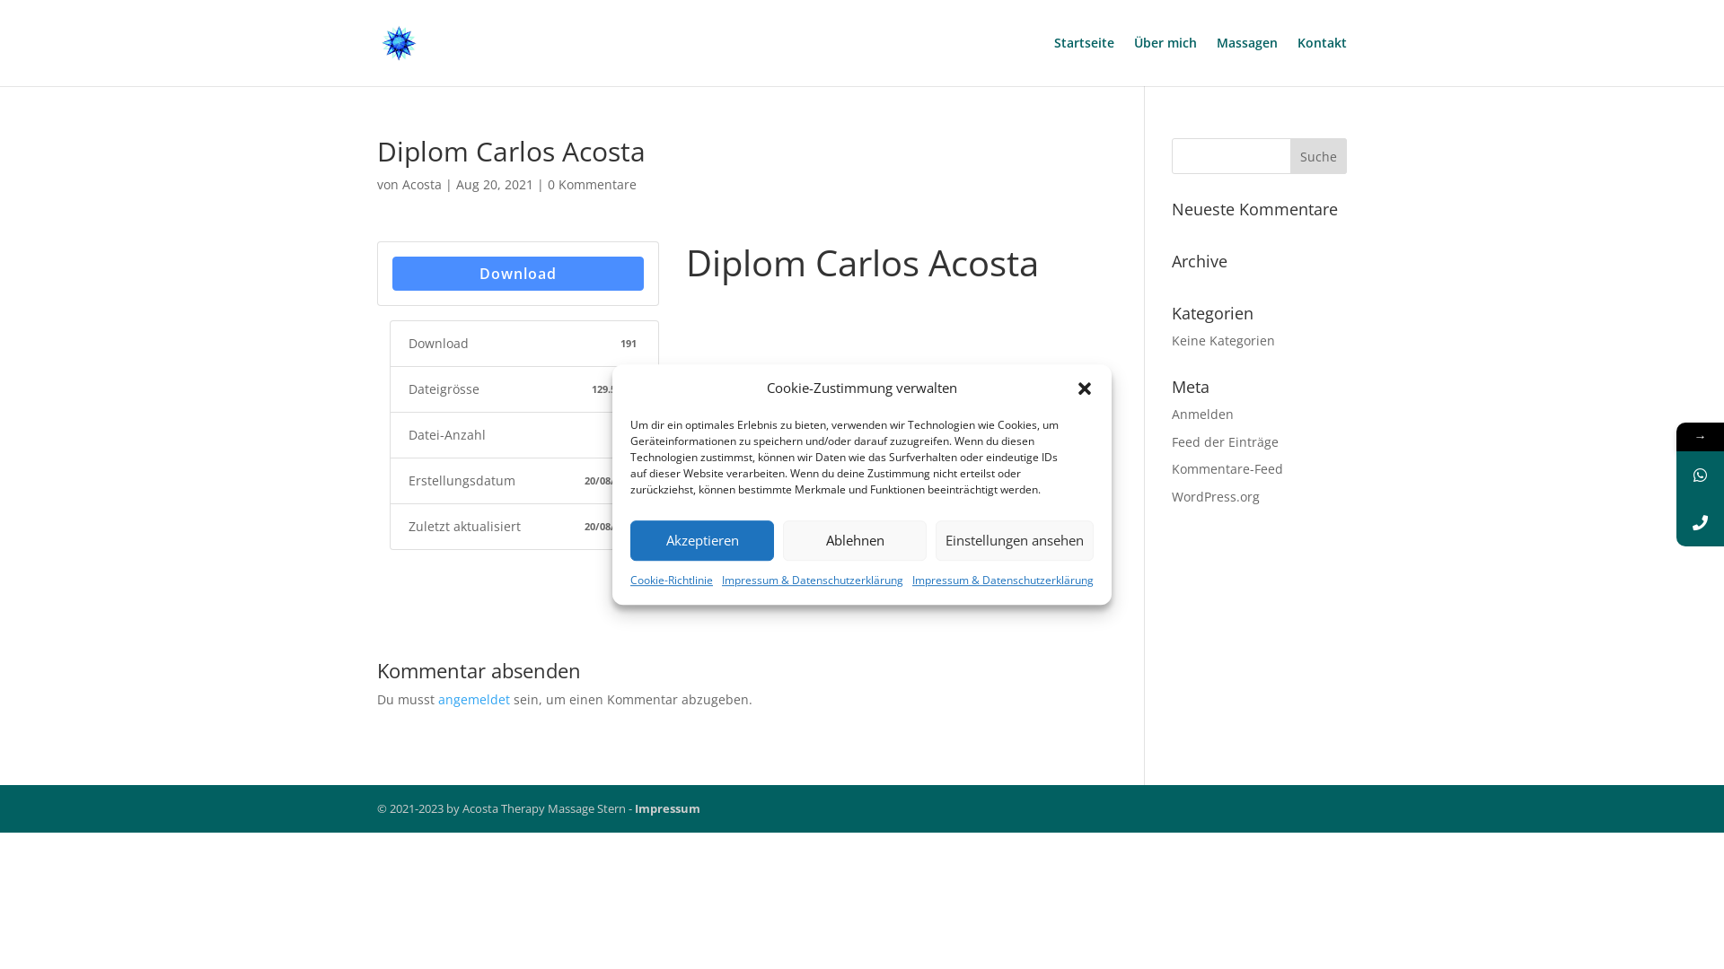 The height and width of the screenshot is (969, 1724). I want to click on 'WordPress.org', so click(1172, 496).